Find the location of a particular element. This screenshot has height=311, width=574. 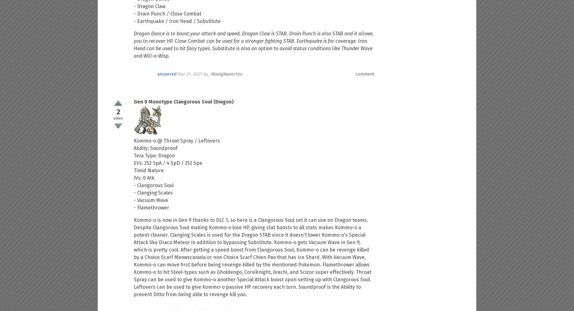

'Timid Nature' is located at coordinates (149, 170).